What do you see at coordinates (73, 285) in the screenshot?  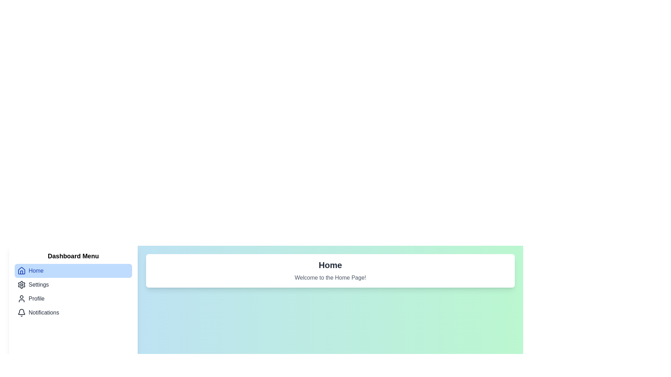 I see `the menu item corresponding to Settings` at bounding box center [73, 285].